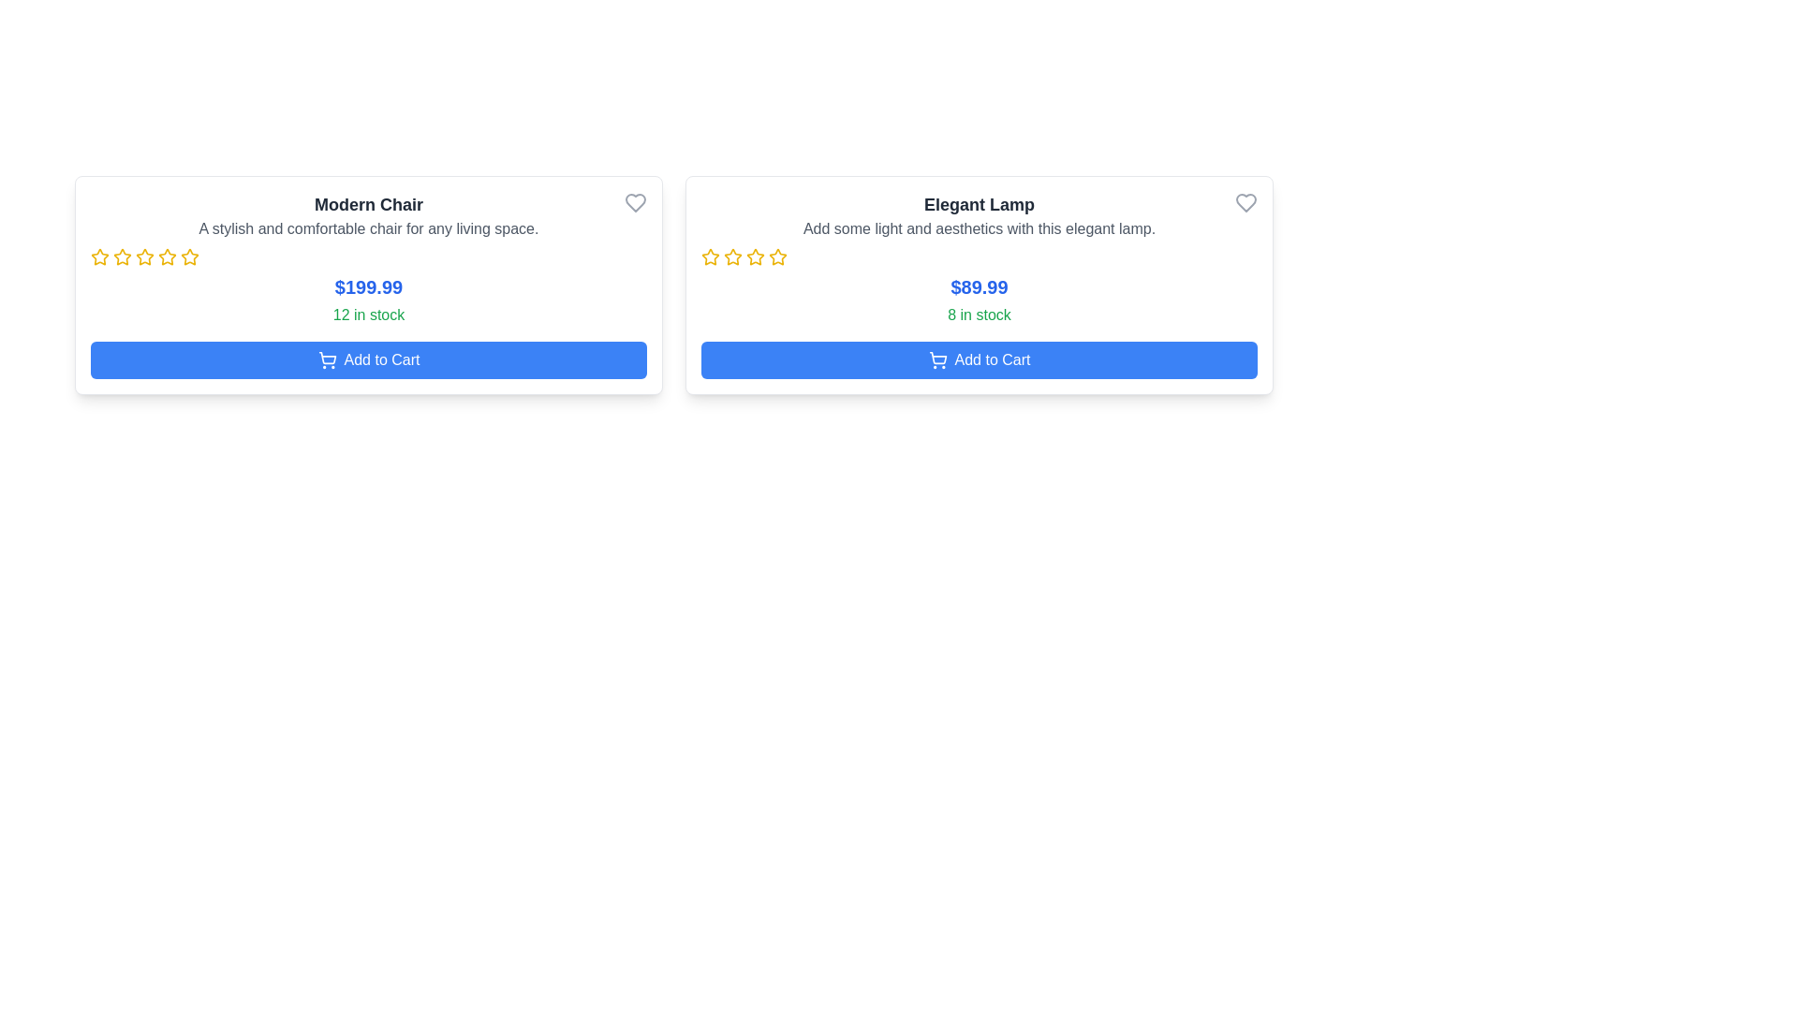  What do you see at coordinates (937, 360) in the screenshot?
I see `the shopping cart icon on the 'Add to Cart' button for the 'Elegant Lamp' product` at bounding box center [937, 360].